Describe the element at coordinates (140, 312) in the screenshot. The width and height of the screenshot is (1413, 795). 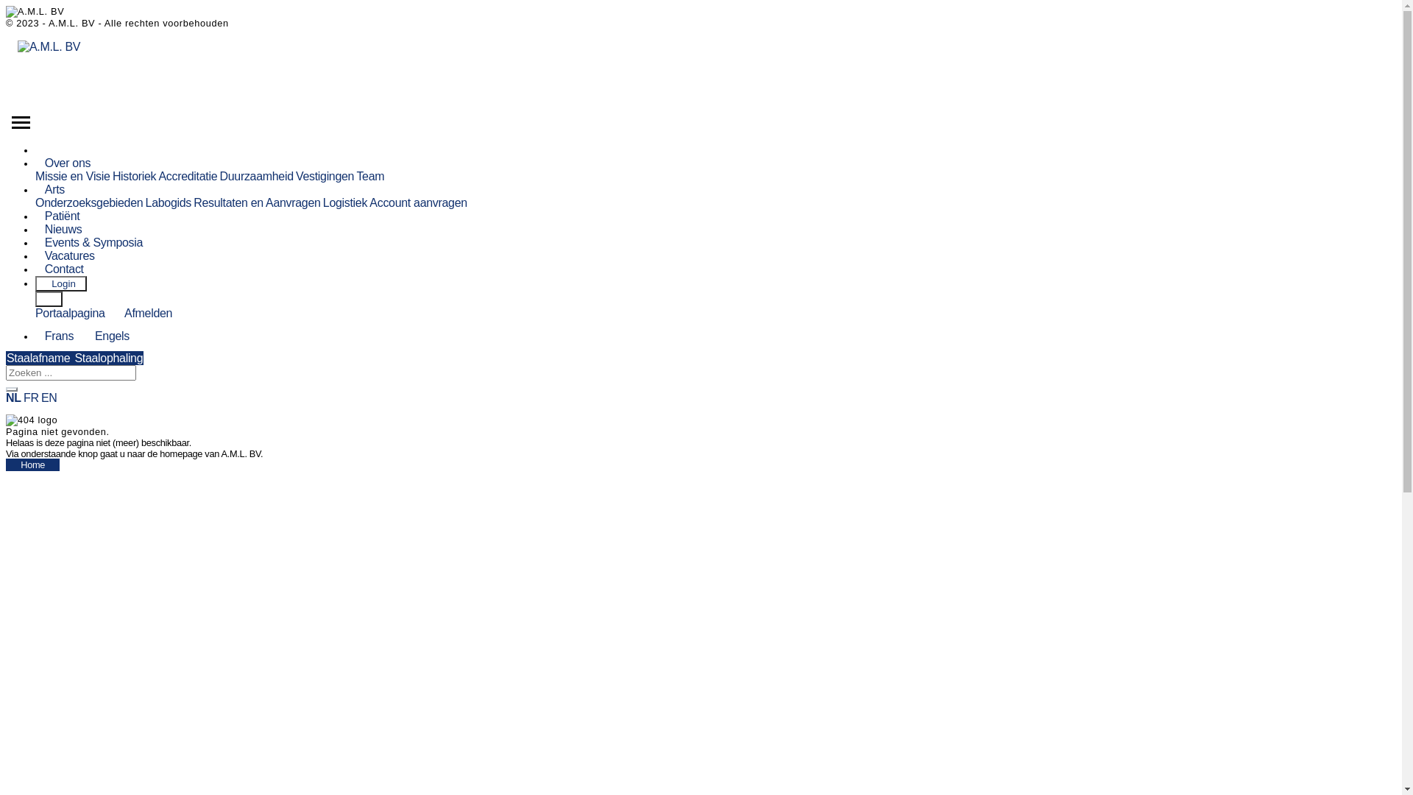
I see `'Afmelden'` at that location.